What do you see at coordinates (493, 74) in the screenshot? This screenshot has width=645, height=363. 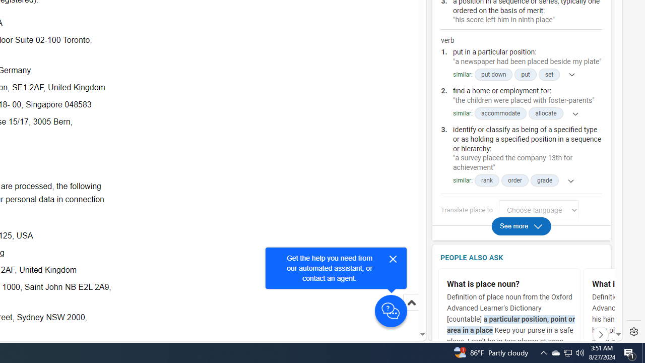 I see `'put down'` at bounding box center [493, 74].